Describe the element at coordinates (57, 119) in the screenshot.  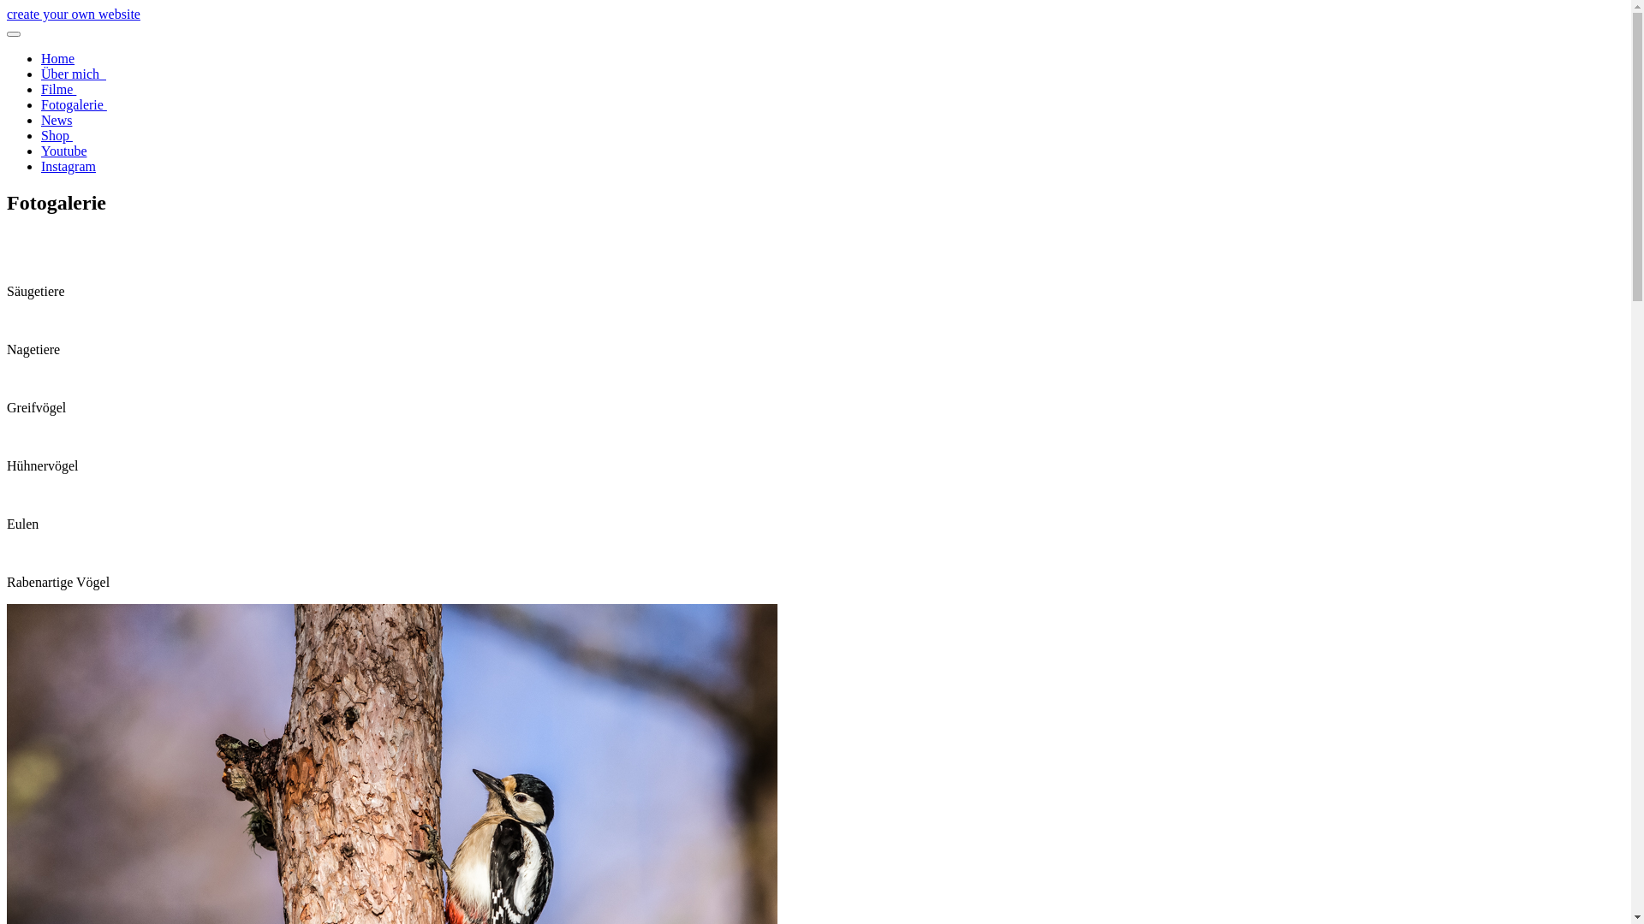
I see `'News'` at that location.